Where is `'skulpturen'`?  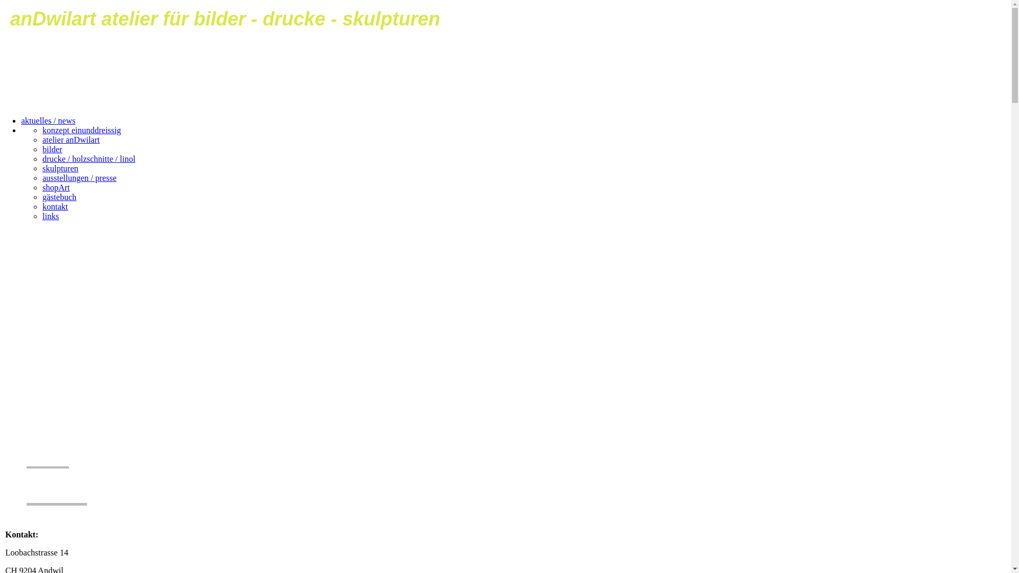 'skulpturen' is located at coordinates (60, 168).